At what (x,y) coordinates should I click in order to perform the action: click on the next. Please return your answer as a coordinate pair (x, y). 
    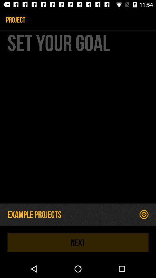
    Looking at the image, I should click on (78, 242).